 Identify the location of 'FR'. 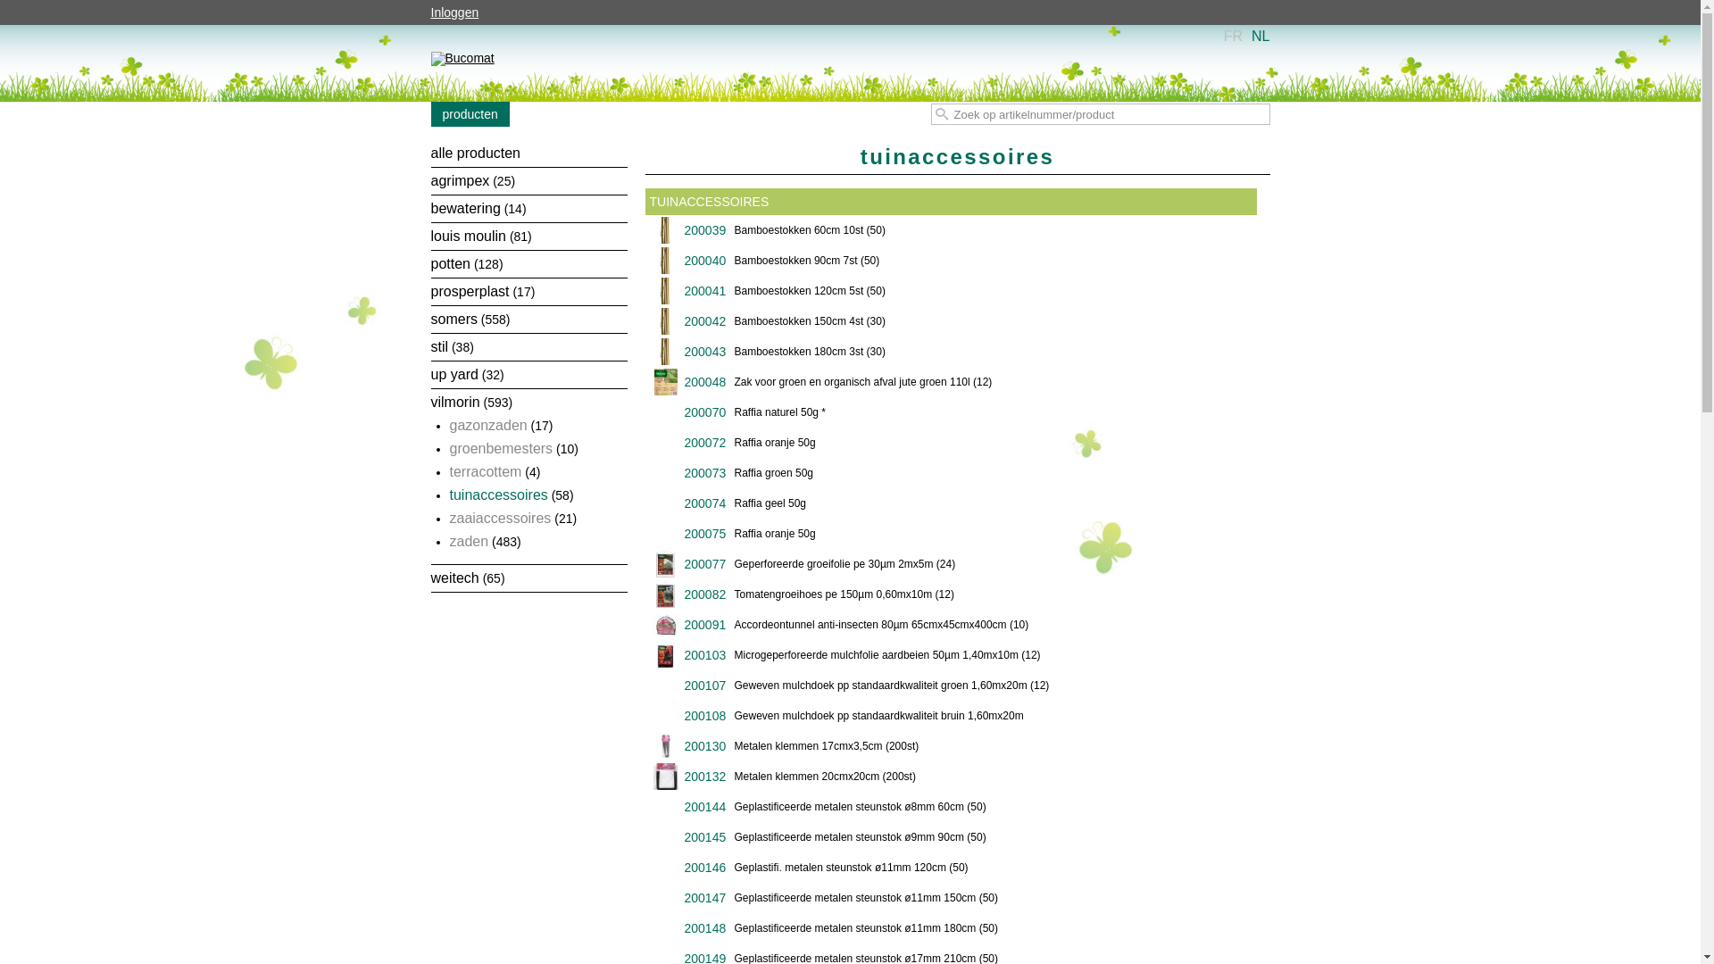
(1232, 36).